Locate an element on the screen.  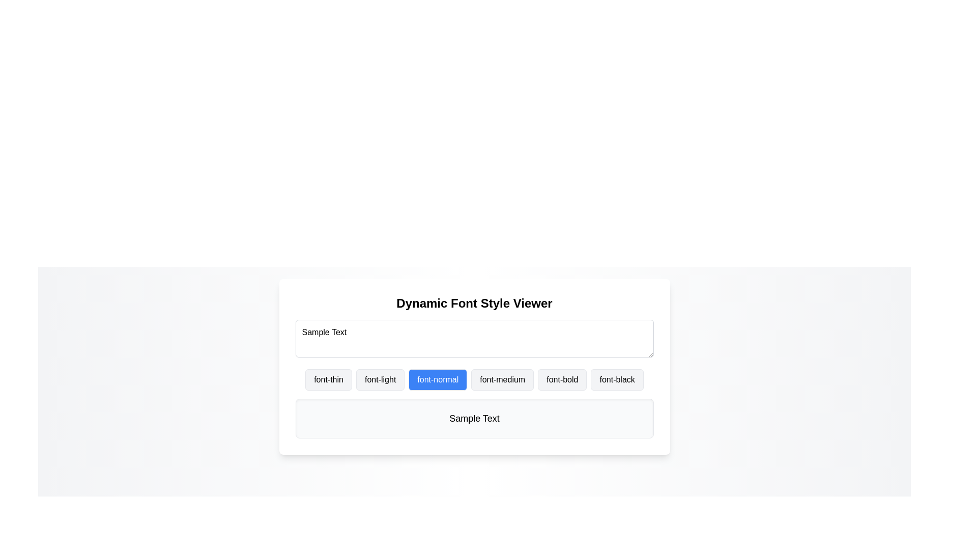
the rectangular button labeled 'font-bold' with a light gray background is located at coordinates (562, 379).